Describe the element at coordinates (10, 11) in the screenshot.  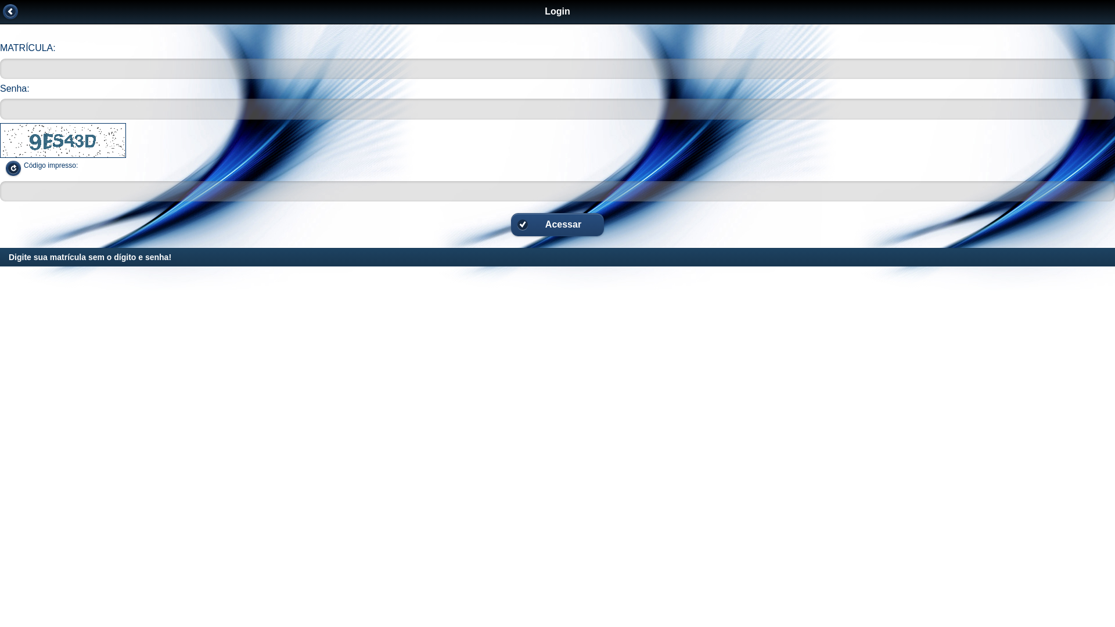
I see `' '` at that location.